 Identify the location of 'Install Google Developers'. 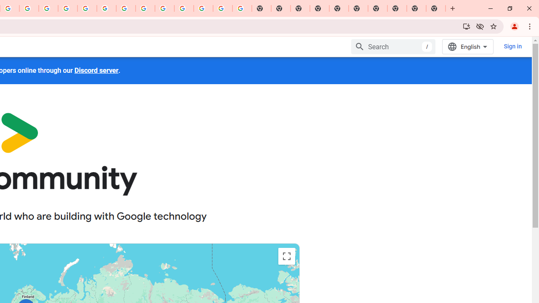
(466, 26).